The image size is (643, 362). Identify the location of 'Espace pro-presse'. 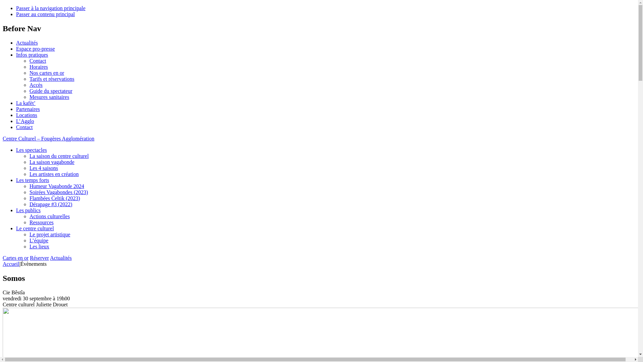
(35, 48).